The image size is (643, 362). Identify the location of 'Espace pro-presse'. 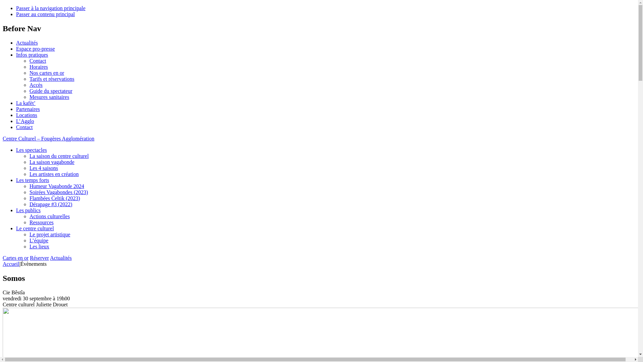
(35, 48).